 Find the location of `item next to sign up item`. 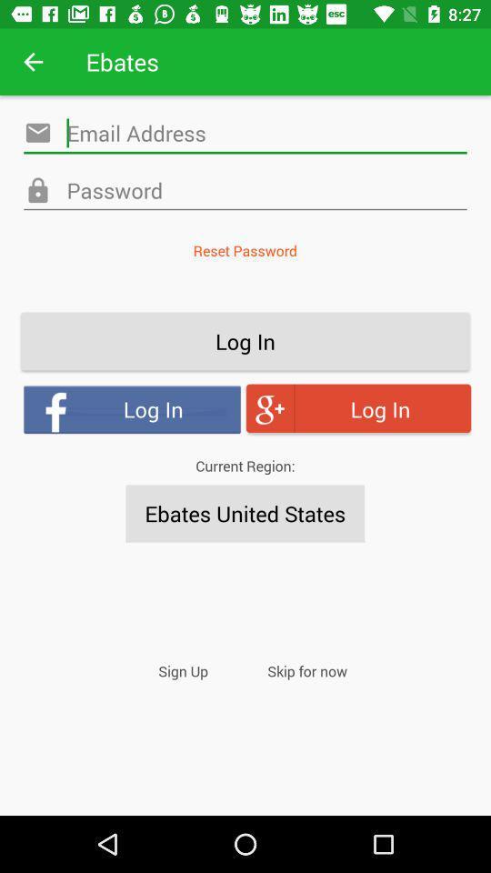

item next to sign up item is located at coordinates (306, 670).